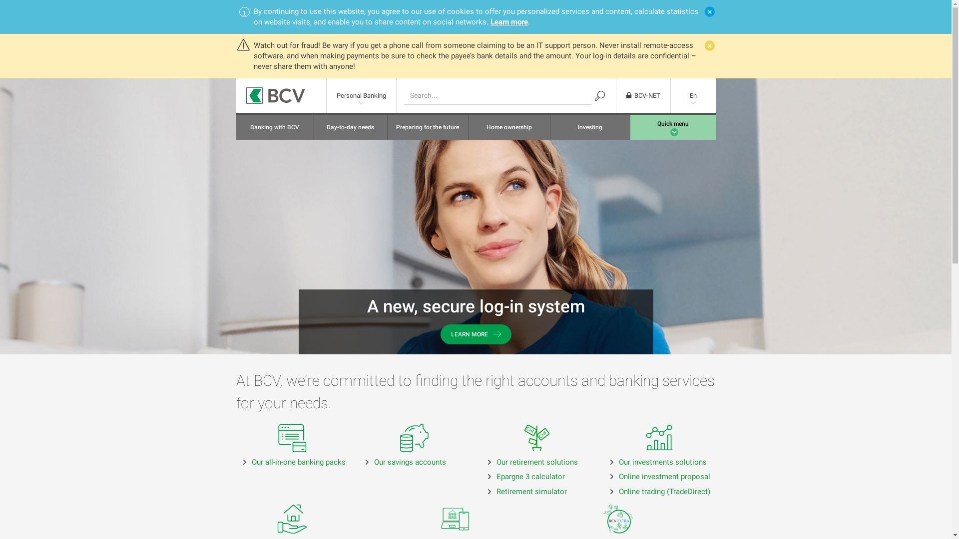  What do you see at coordinates (298, 462) in the screenshot?
I see `'Our all-in-one banking packs'` at bounding box center [298, 462].